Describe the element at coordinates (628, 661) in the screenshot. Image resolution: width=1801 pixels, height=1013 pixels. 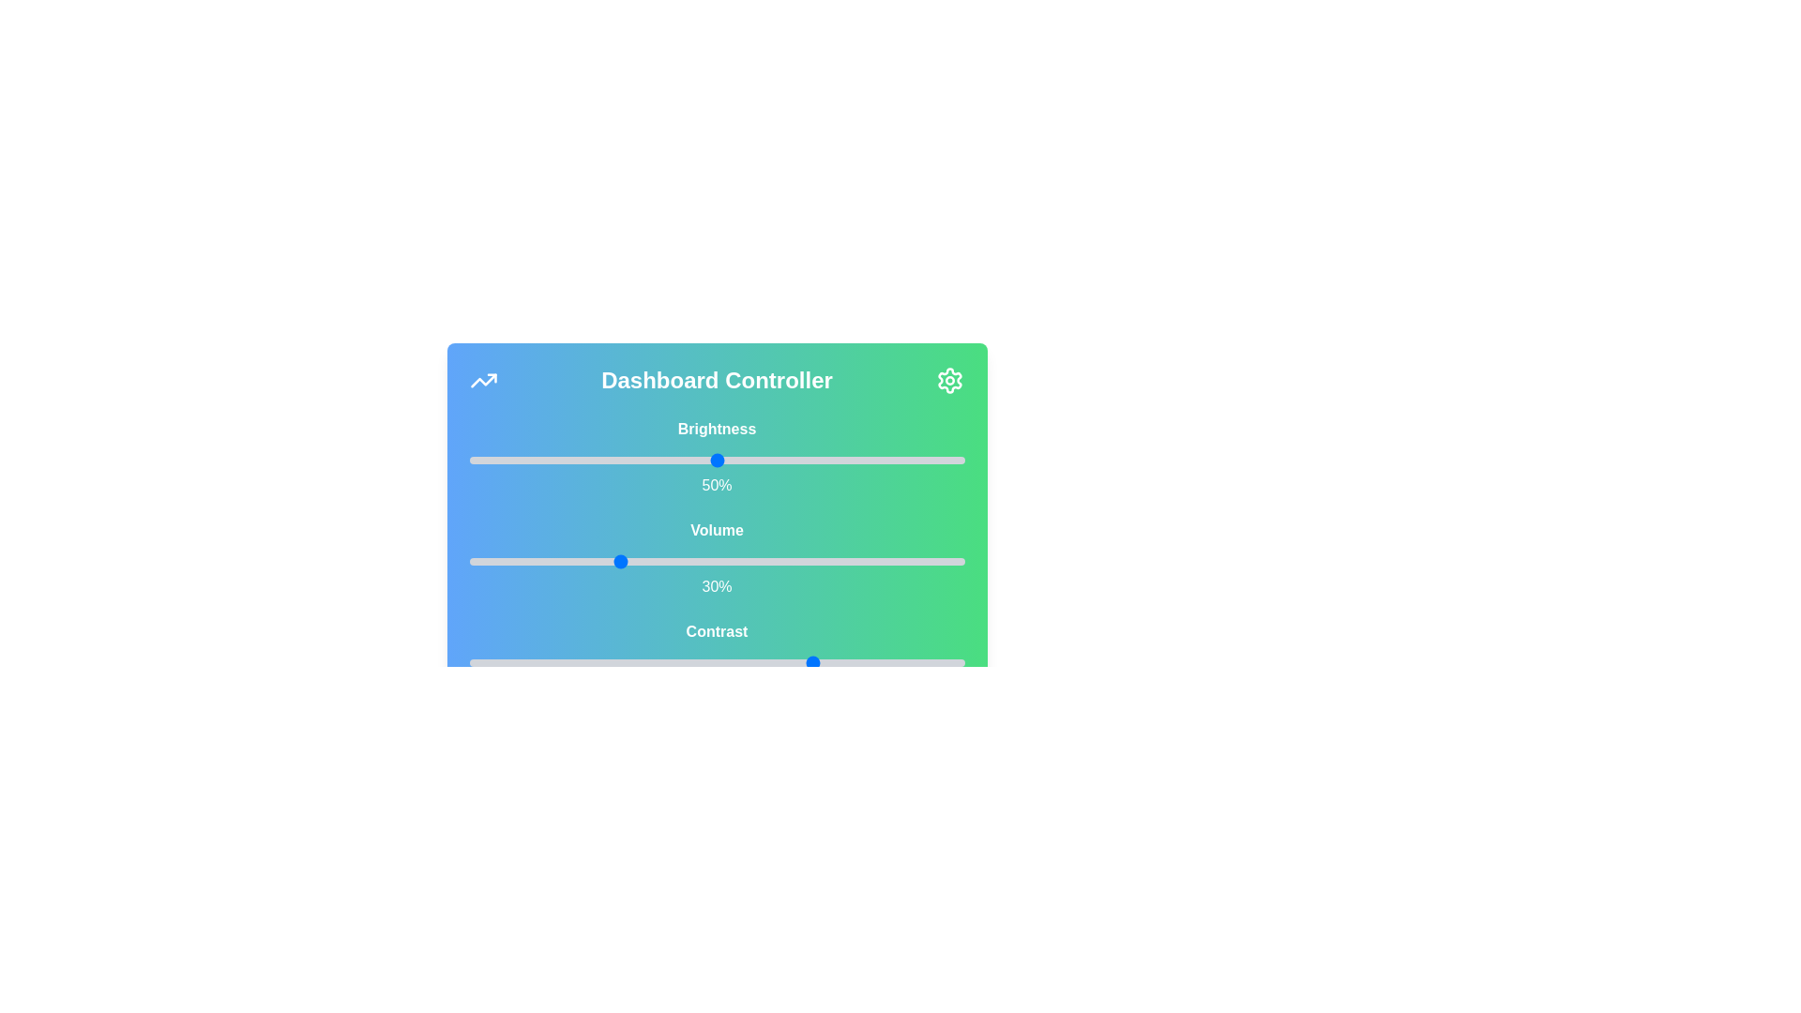
I see `the contrast slider to 32%` at that location.